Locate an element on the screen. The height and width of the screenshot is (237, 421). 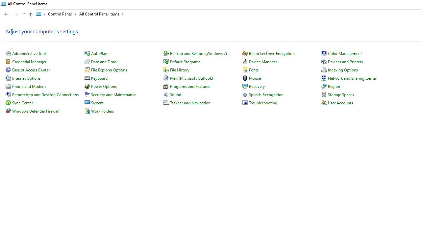
'Mouse' is located at coordinates (255, 78).